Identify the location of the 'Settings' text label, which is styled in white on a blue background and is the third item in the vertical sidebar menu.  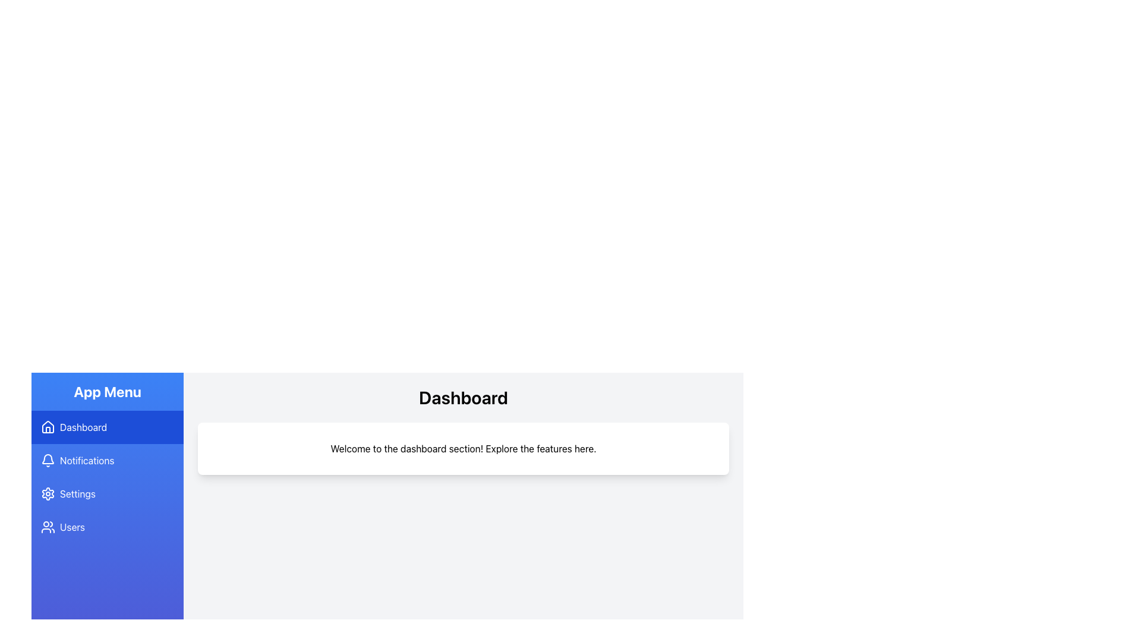
(77, 493).